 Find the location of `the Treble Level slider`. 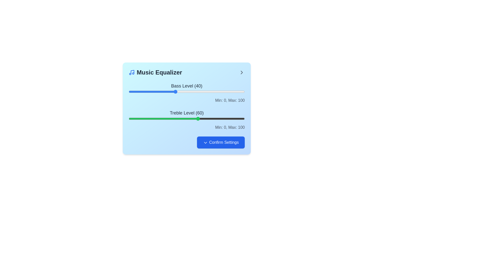

the Treble Level slider is located at coordinates (186, 118).